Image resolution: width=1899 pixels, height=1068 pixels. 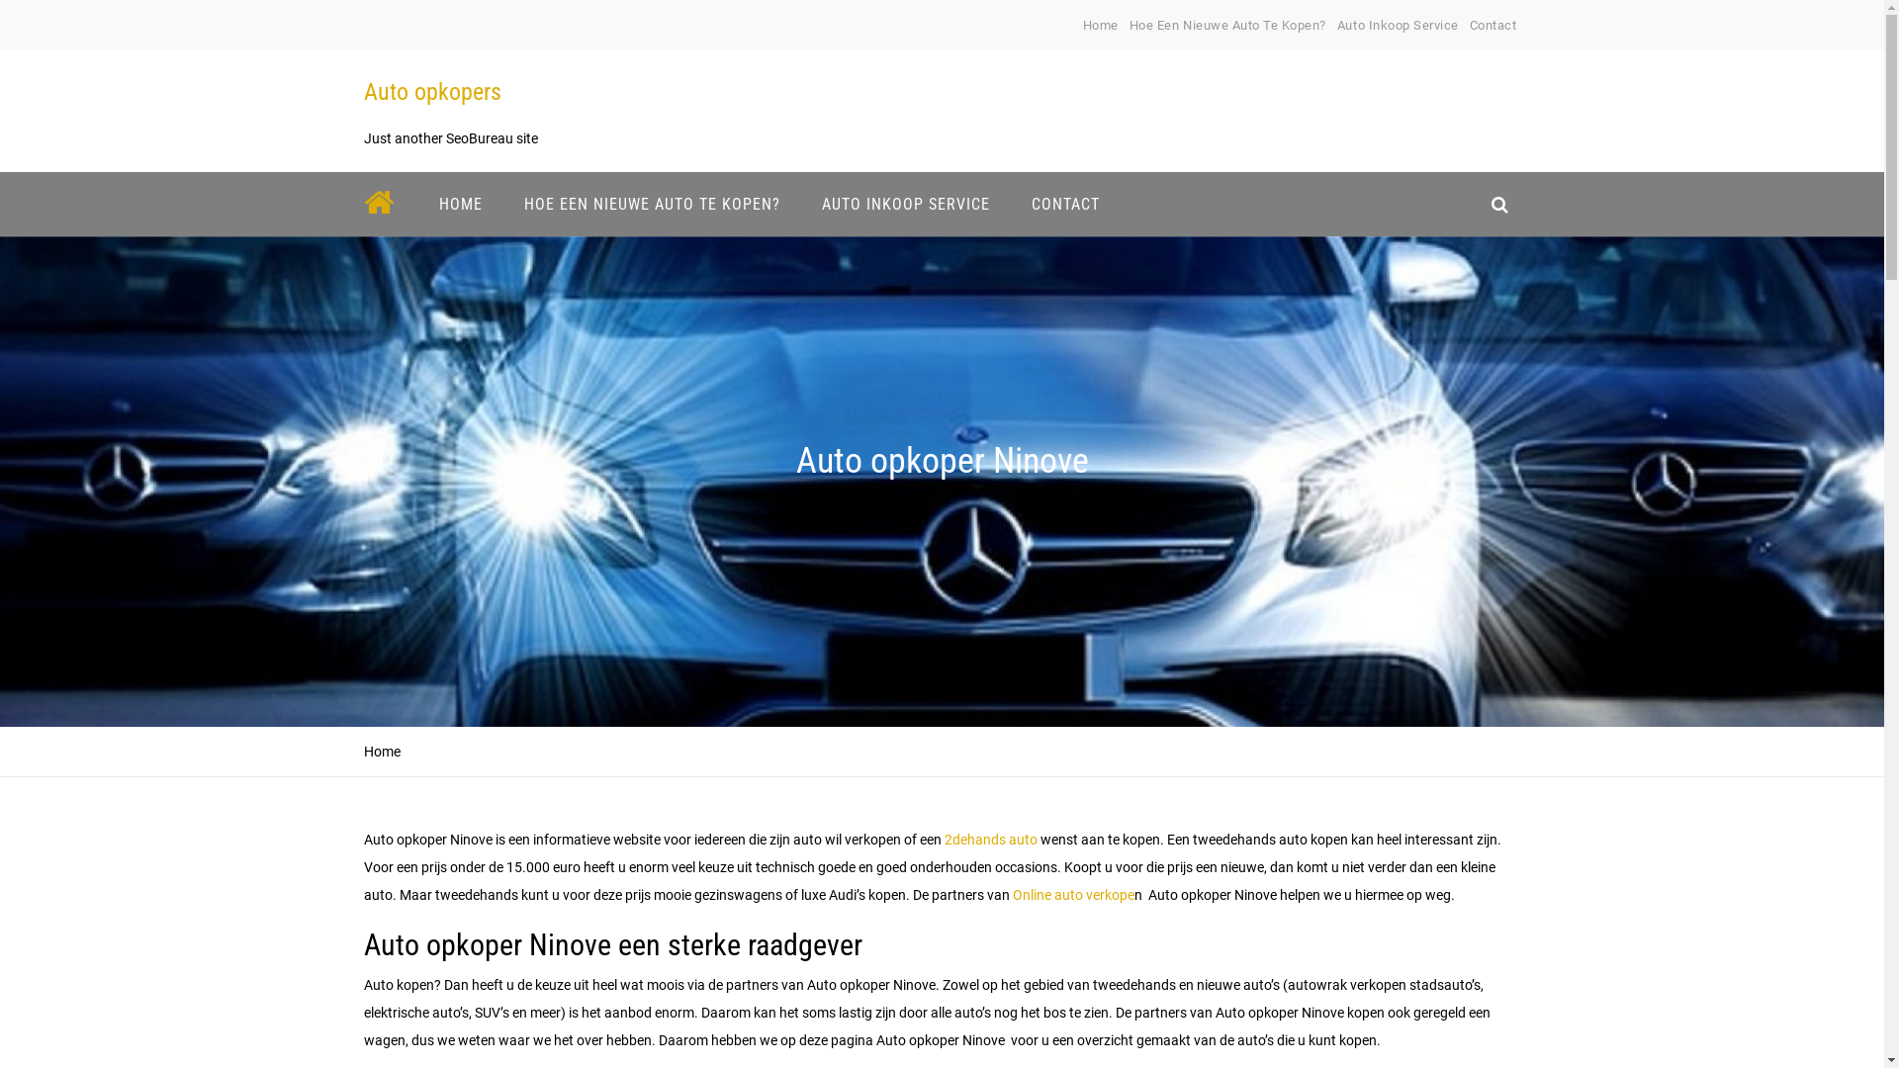 I want to click on 'search_icon', so click(x=1477, y=204).